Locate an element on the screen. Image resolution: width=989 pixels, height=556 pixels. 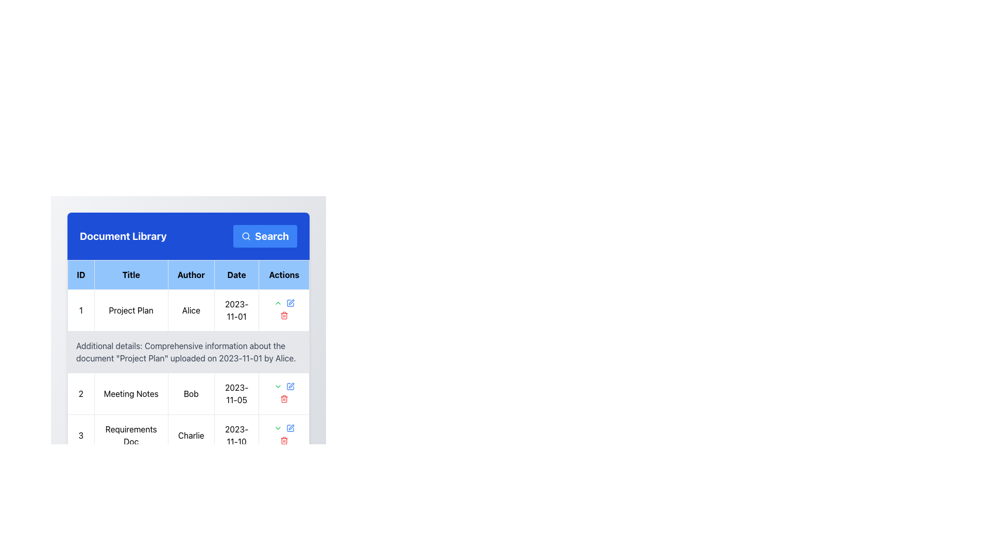
the edit button for the document titled 'Meeting Notes' authored by 'Bob', dated '2023-11-05' is located at coordinates (291, 385).